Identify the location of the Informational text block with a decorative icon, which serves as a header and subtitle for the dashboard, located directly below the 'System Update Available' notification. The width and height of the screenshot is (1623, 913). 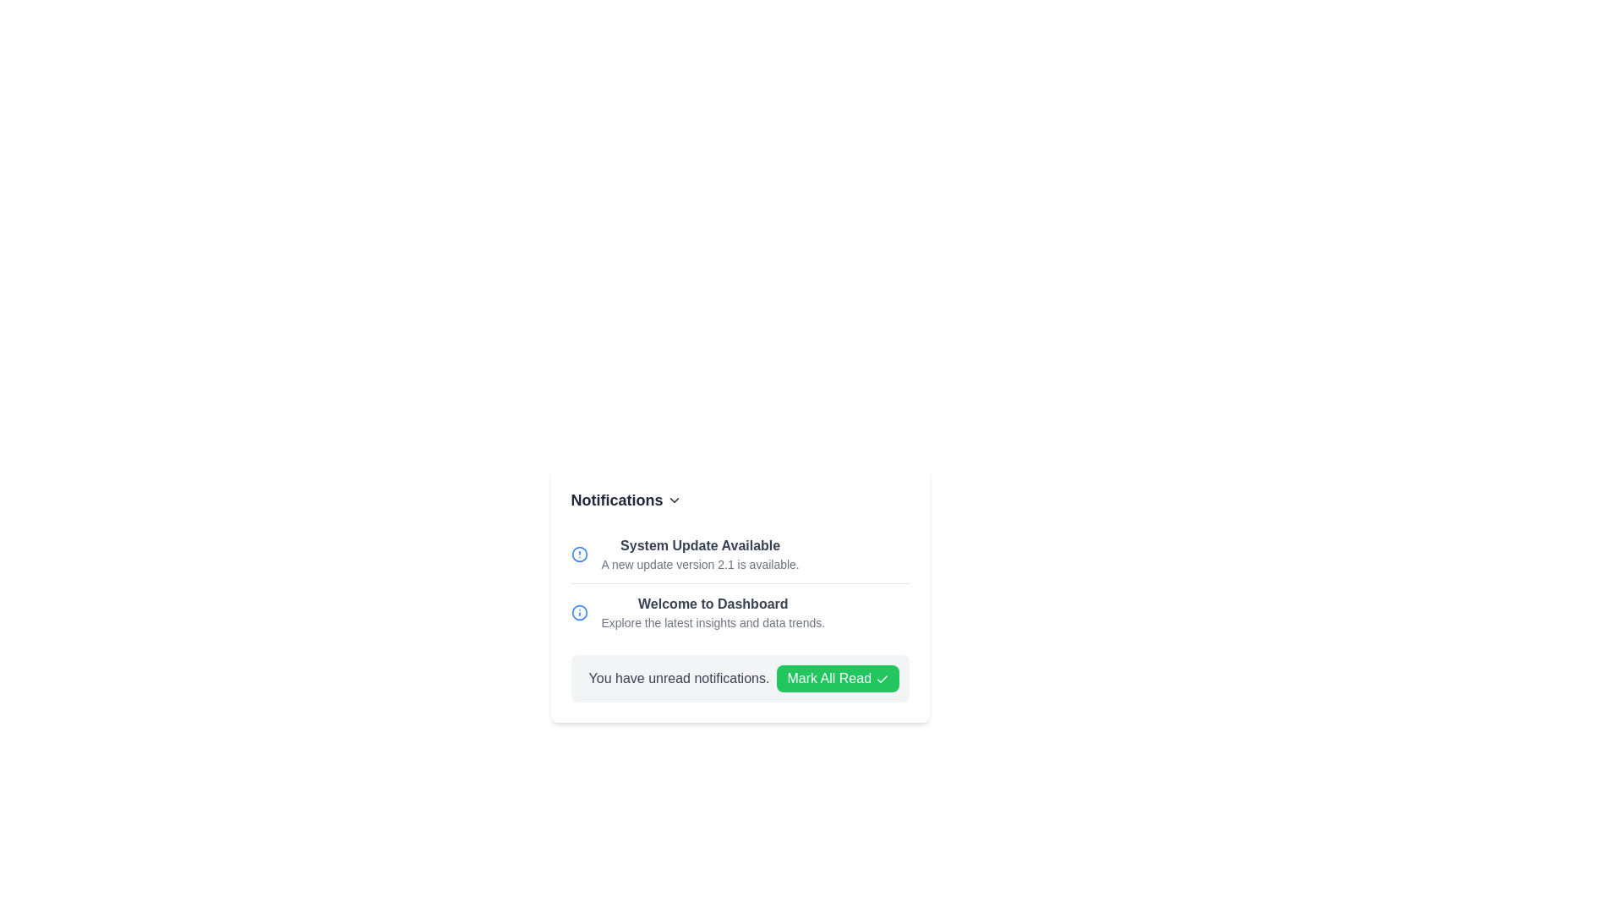
(740, 612).